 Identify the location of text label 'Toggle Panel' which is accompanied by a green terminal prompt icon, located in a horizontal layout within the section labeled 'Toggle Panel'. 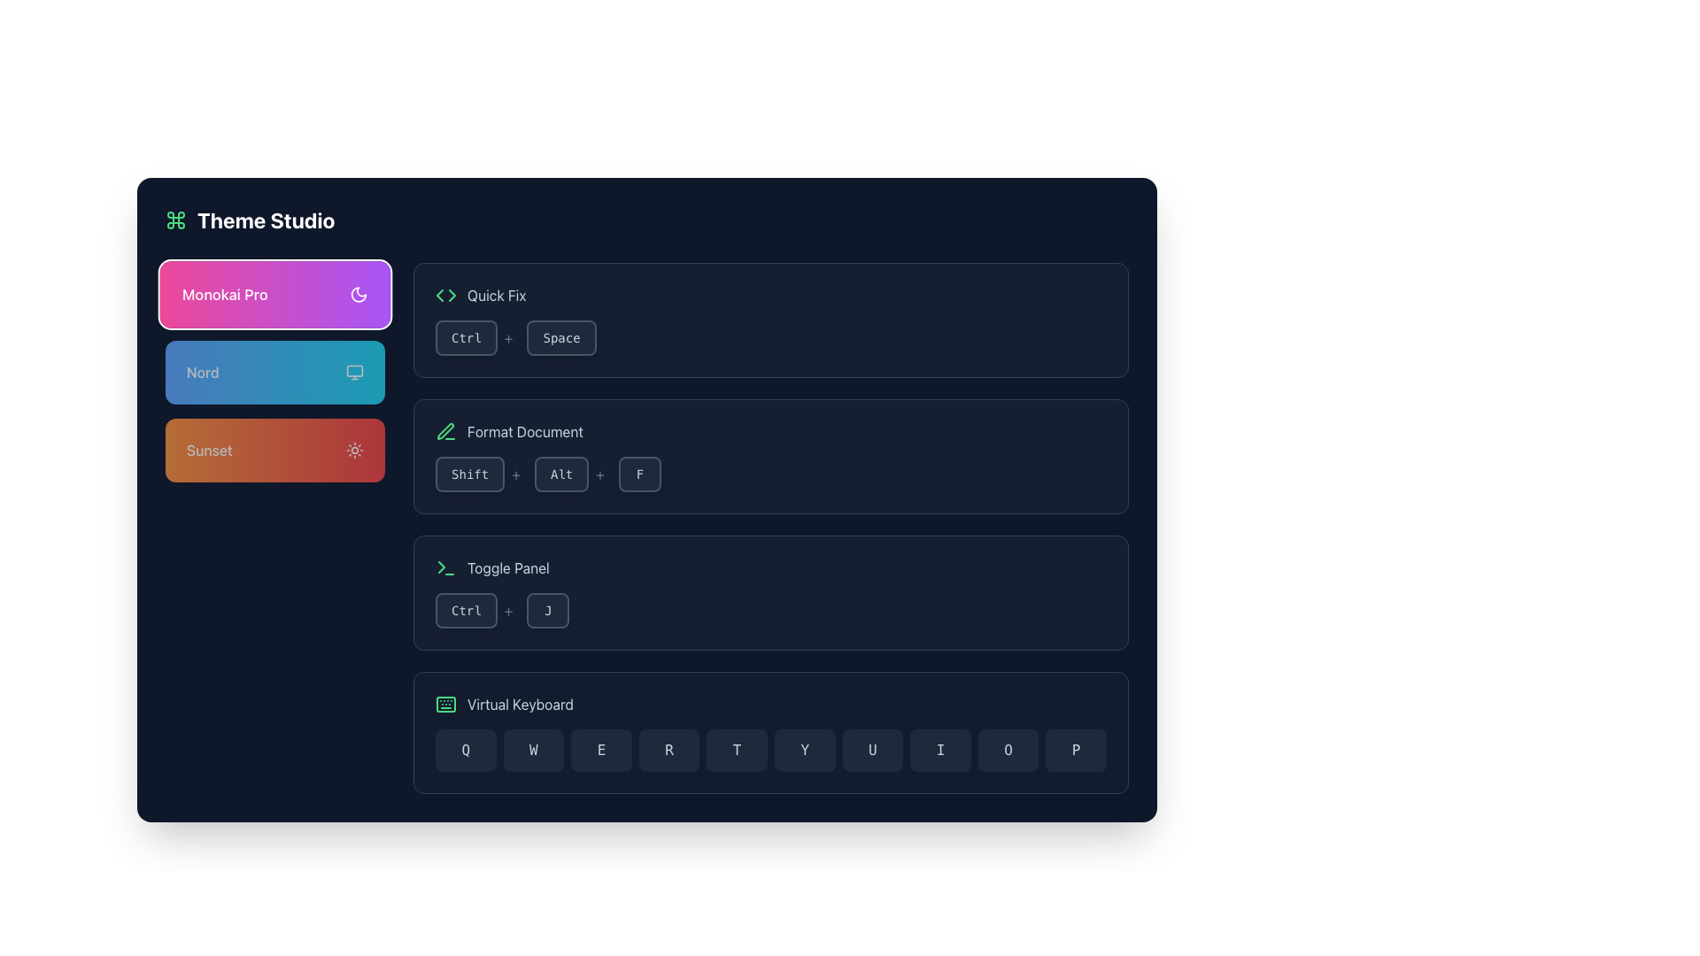
(492, 567).